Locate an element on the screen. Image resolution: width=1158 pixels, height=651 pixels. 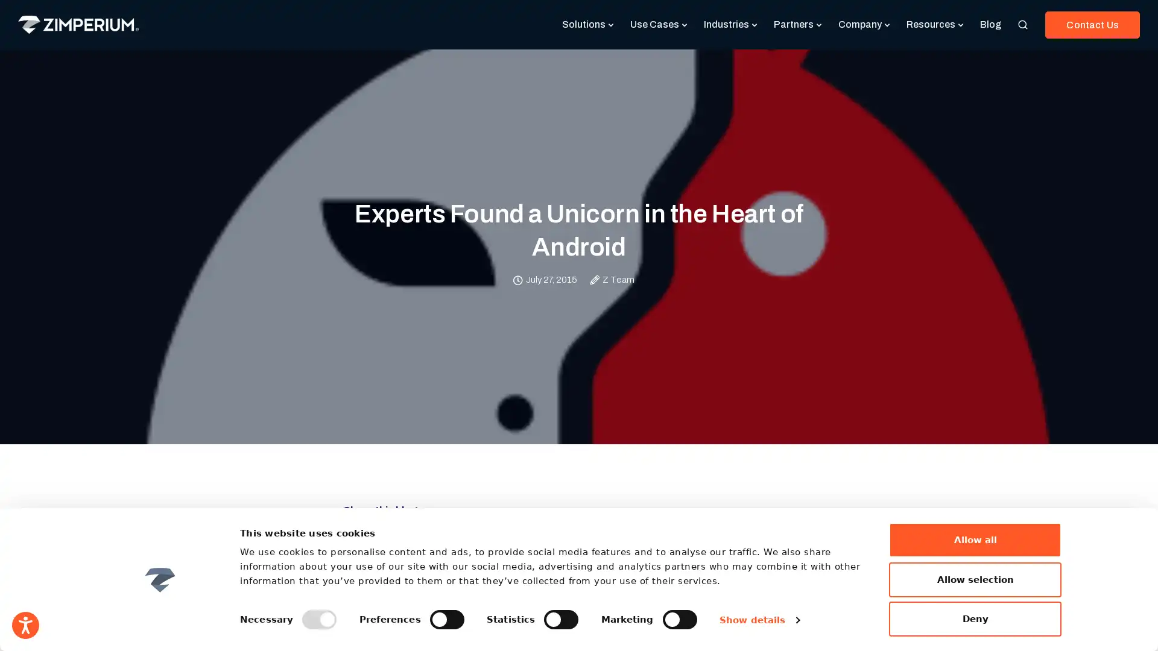
Allow selection is located at coordinates (975, 578).